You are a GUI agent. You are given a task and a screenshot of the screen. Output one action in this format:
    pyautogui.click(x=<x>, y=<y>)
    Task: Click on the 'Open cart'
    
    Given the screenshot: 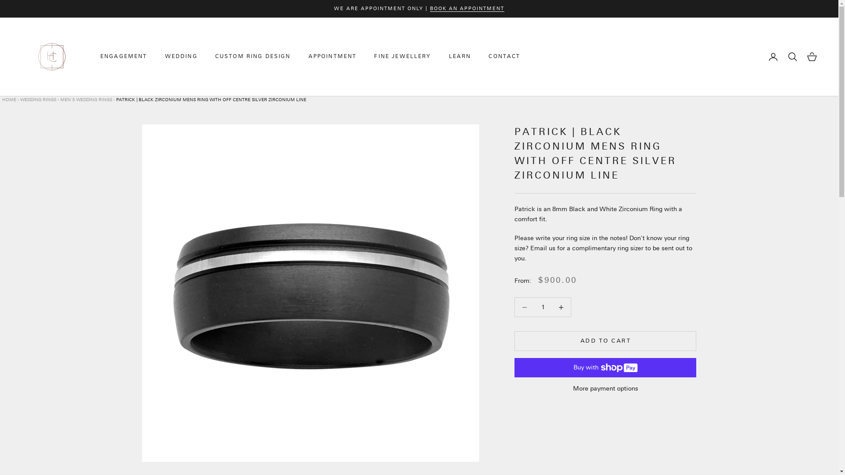 What is the action you would take?
    pyautogui.click(x=807, y=56)
    